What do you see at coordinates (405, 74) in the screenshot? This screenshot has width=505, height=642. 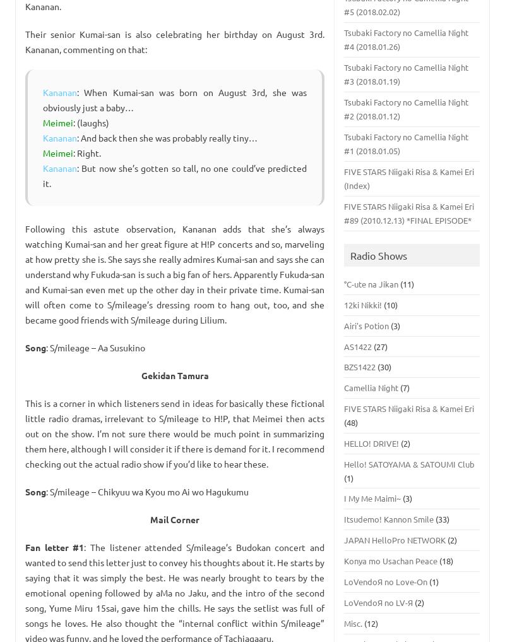 I see `'Tsubaki Factory no Camellia Night #3 (2018.01.19)'` at bounding box center [405, 74].